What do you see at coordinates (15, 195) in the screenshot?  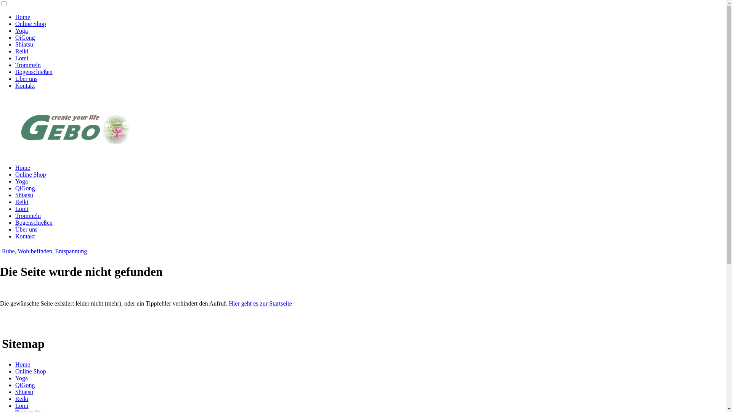 I see `'Shiatsu'` at bounding box center [15, 195].